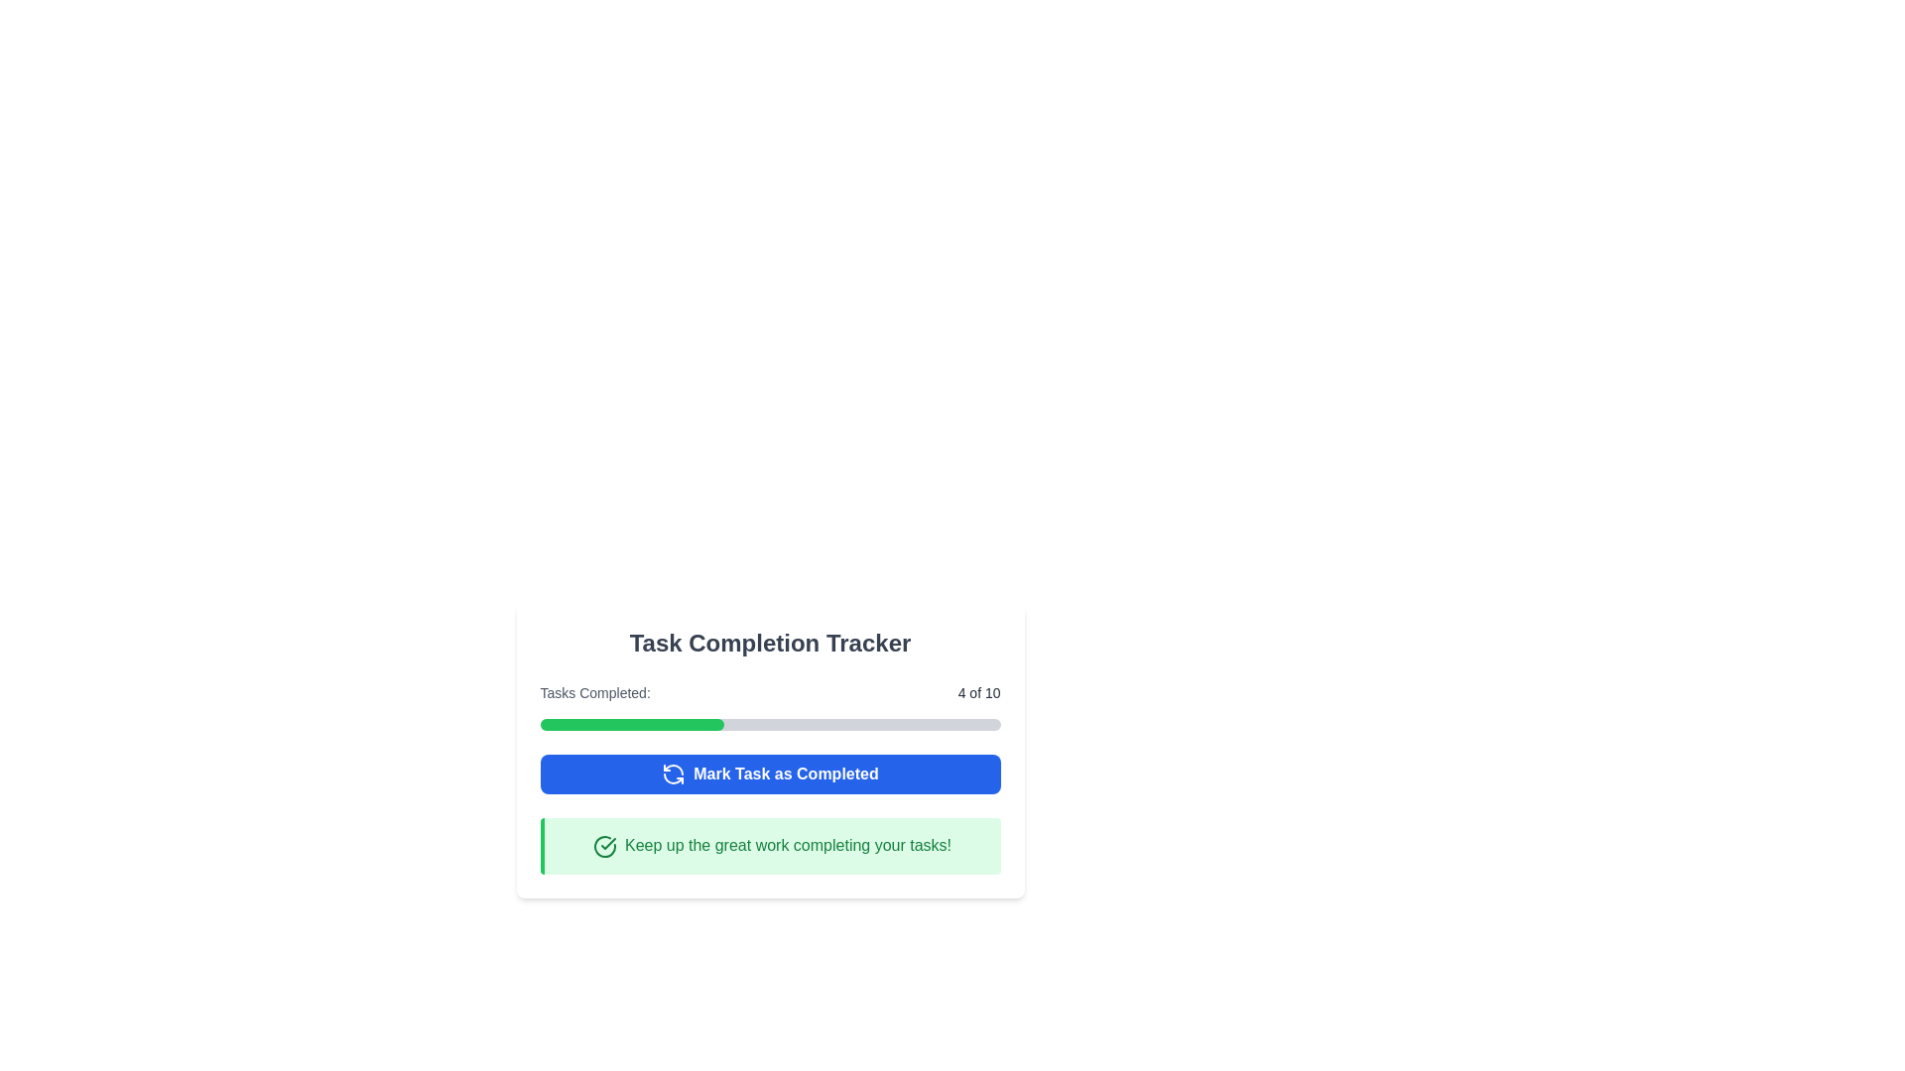 This screenshot has height=1071, width=1905. What do you see at coordinates (603, 846) in the screenshot?
I see `the green circular icon with a checkmark inside it, which is located to the left of the congratulatory message in the task tracker interface` at bounding box center [603, 846].